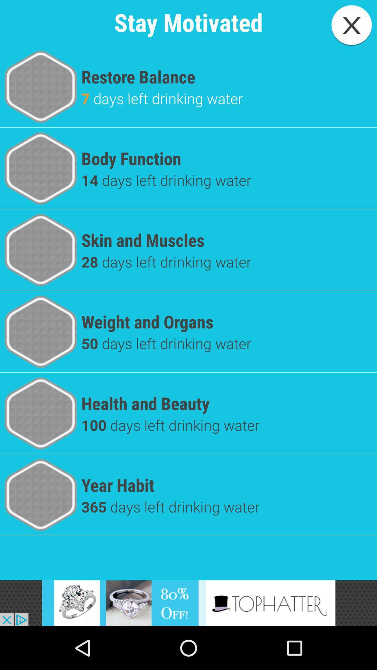 This screenshot has width=377, height=670. I want to click on come back, so click(352, 25).